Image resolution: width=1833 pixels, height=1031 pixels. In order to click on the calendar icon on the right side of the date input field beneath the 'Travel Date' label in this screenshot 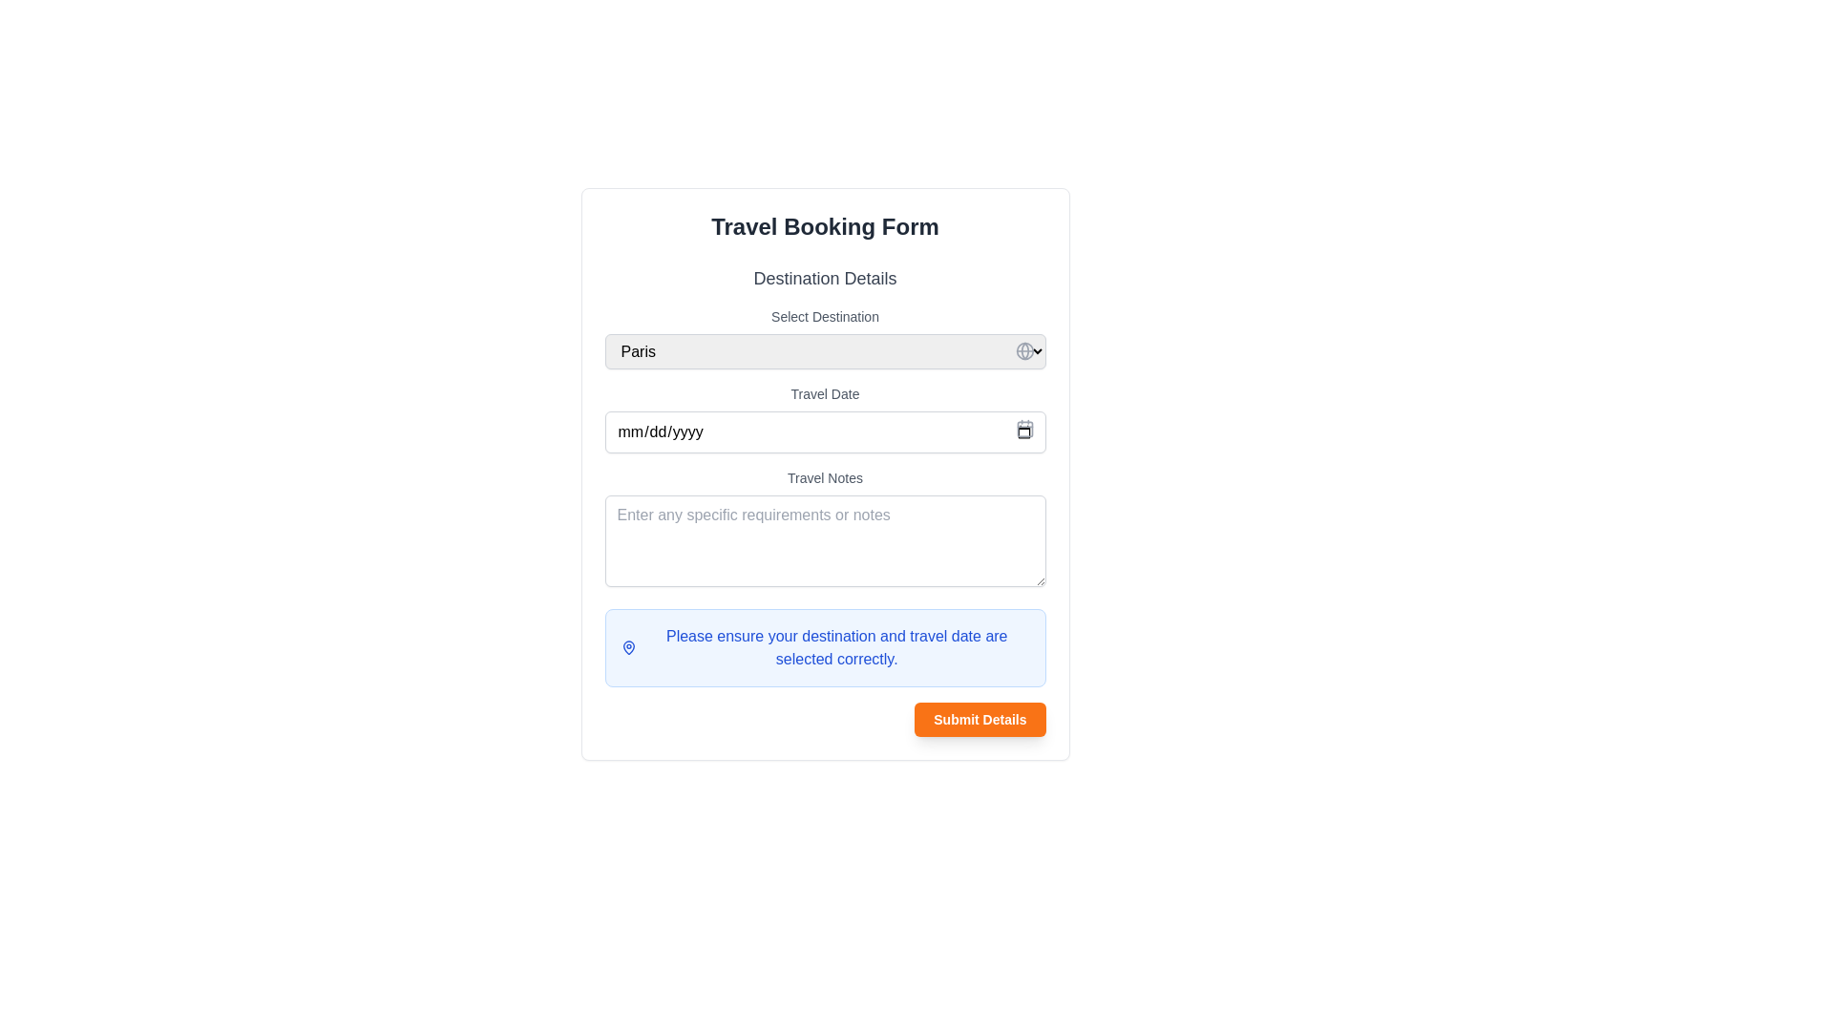, I will do `click(825, 431)`.